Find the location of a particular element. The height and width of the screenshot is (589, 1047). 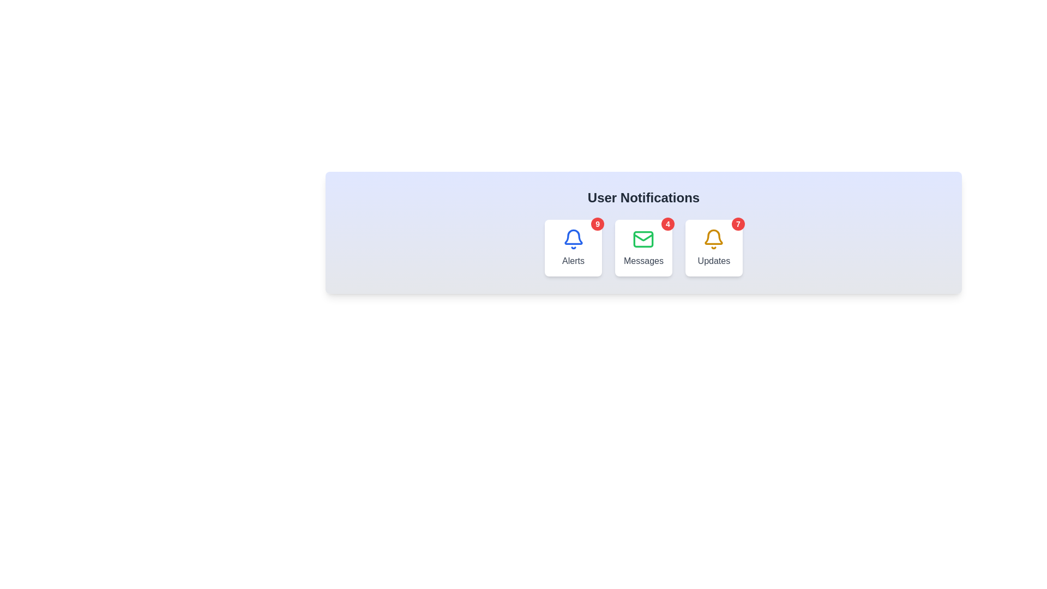

the green envelope icon within the 'Messages' card is located at coordinates (643, 239).